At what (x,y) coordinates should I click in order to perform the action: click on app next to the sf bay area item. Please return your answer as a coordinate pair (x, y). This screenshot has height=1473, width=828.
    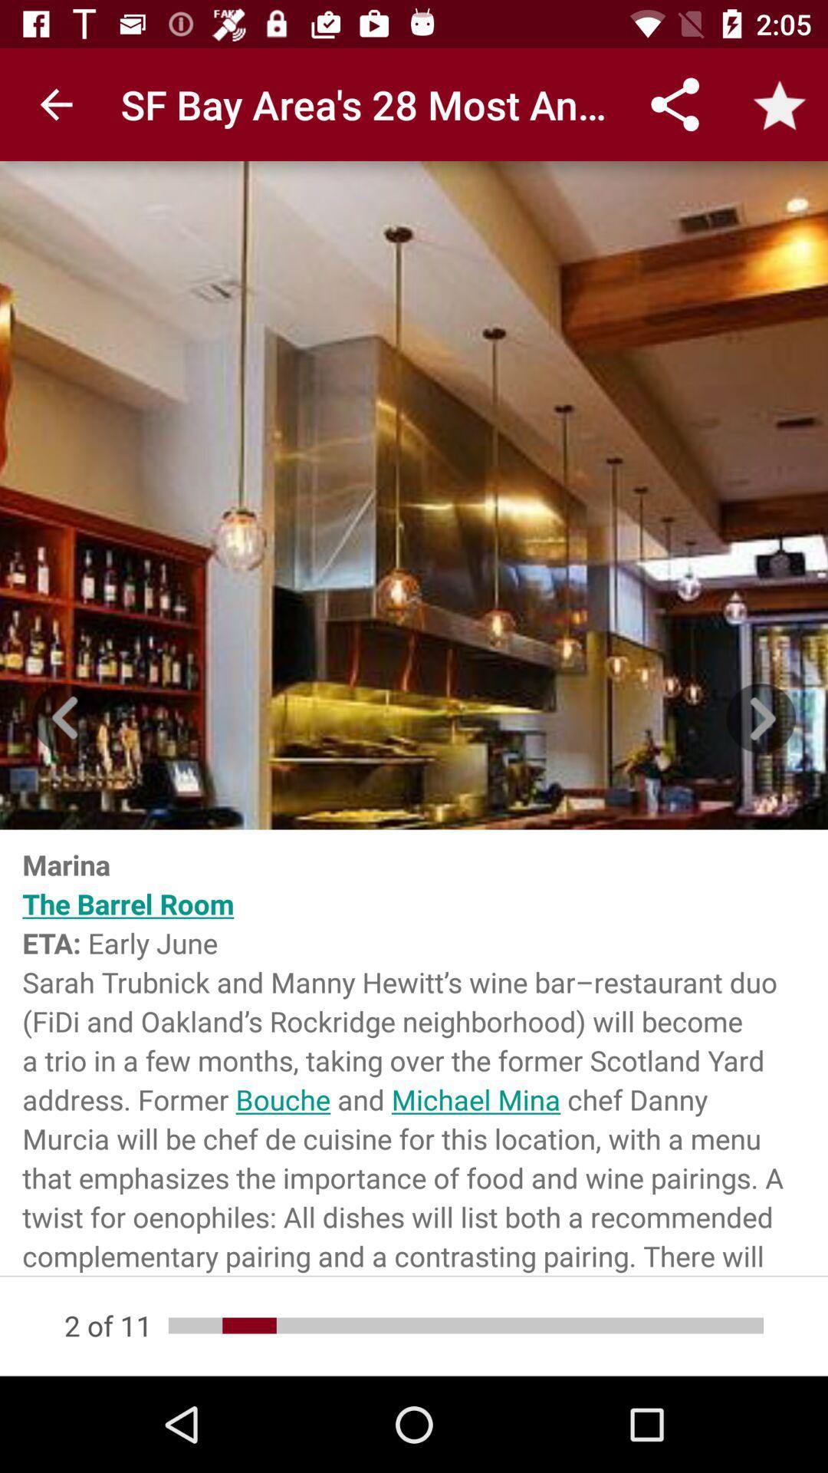
    Looking at the image, I should click on (55, 104).